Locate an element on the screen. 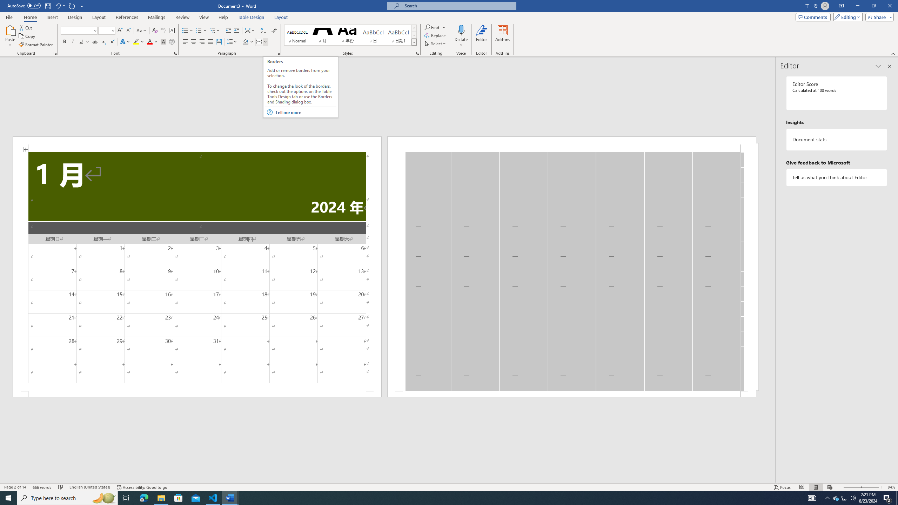 This screenshot has width=898, height=505. 'Undo Apply Quick Style' is located at coordinates (60, 5).